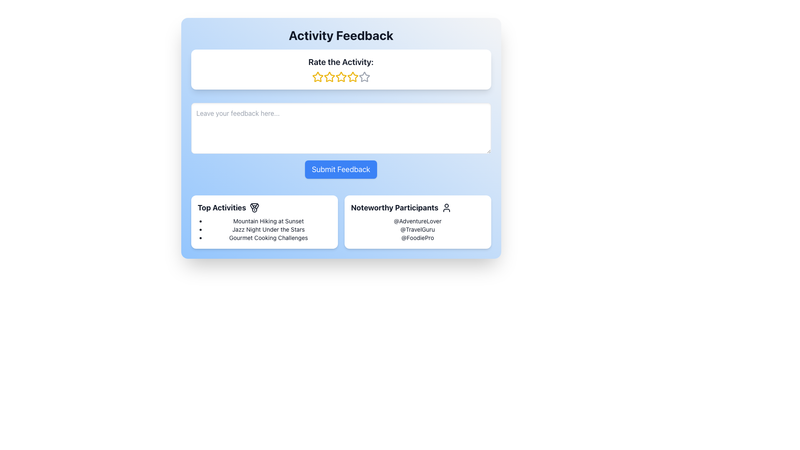  Describe the element at coordinates (264, 221) in the screenshot. I see `the Informational Card labeled 'Top Activities', which features a medal icon and presents activities like 'Mountain Hiking at Sunset'` at that location.